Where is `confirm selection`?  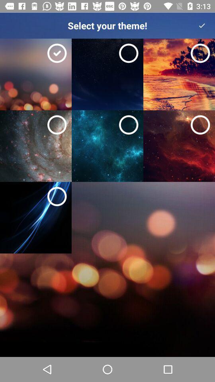
confirm selection is located at coordinates (202, 25).